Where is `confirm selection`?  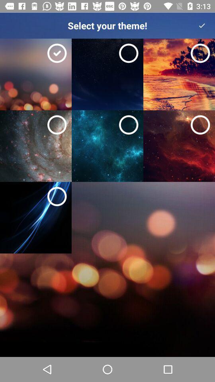
confirm selection is located at coordinates (202, 25).